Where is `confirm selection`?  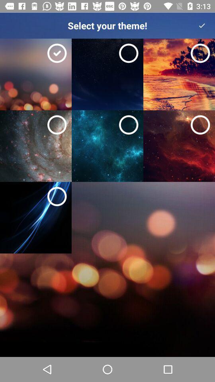
confirm selection is located at coordinates (202, 25).